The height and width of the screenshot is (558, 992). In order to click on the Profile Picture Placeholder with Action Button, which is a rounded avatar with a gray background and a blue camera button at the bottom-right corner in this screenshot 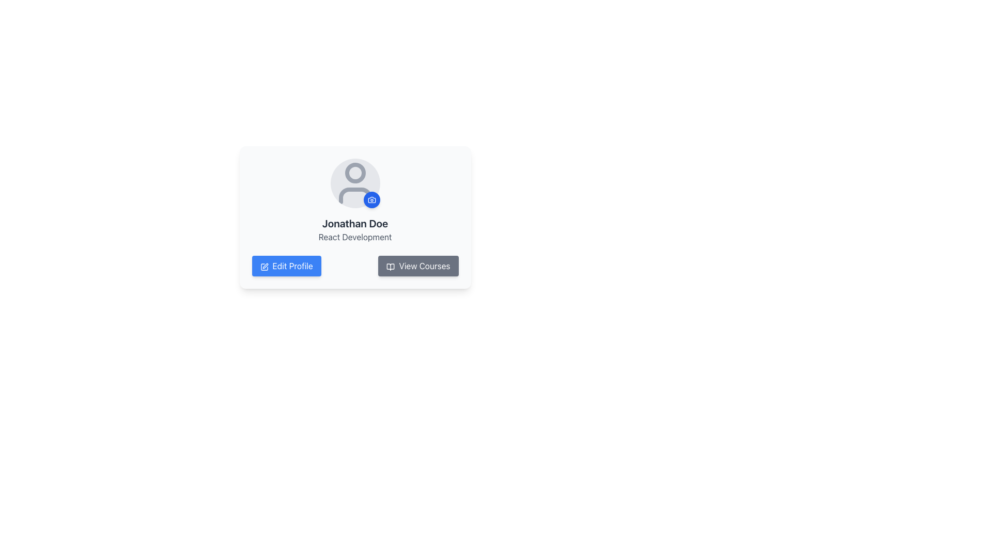, I will do `click(355, 182)`.